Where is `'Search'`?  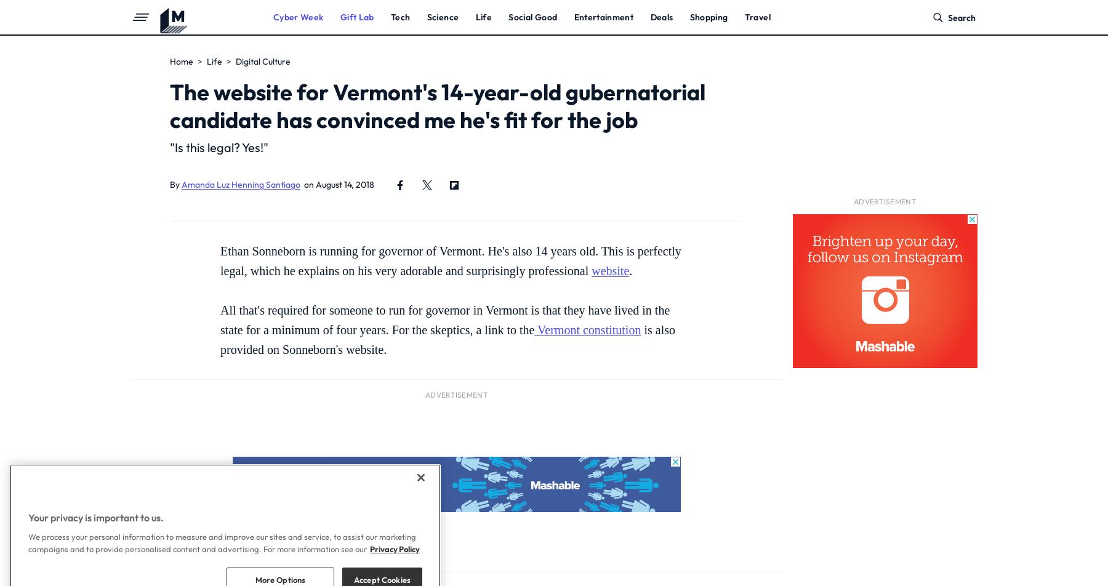
'Search' is located at coordinates (961, 18).